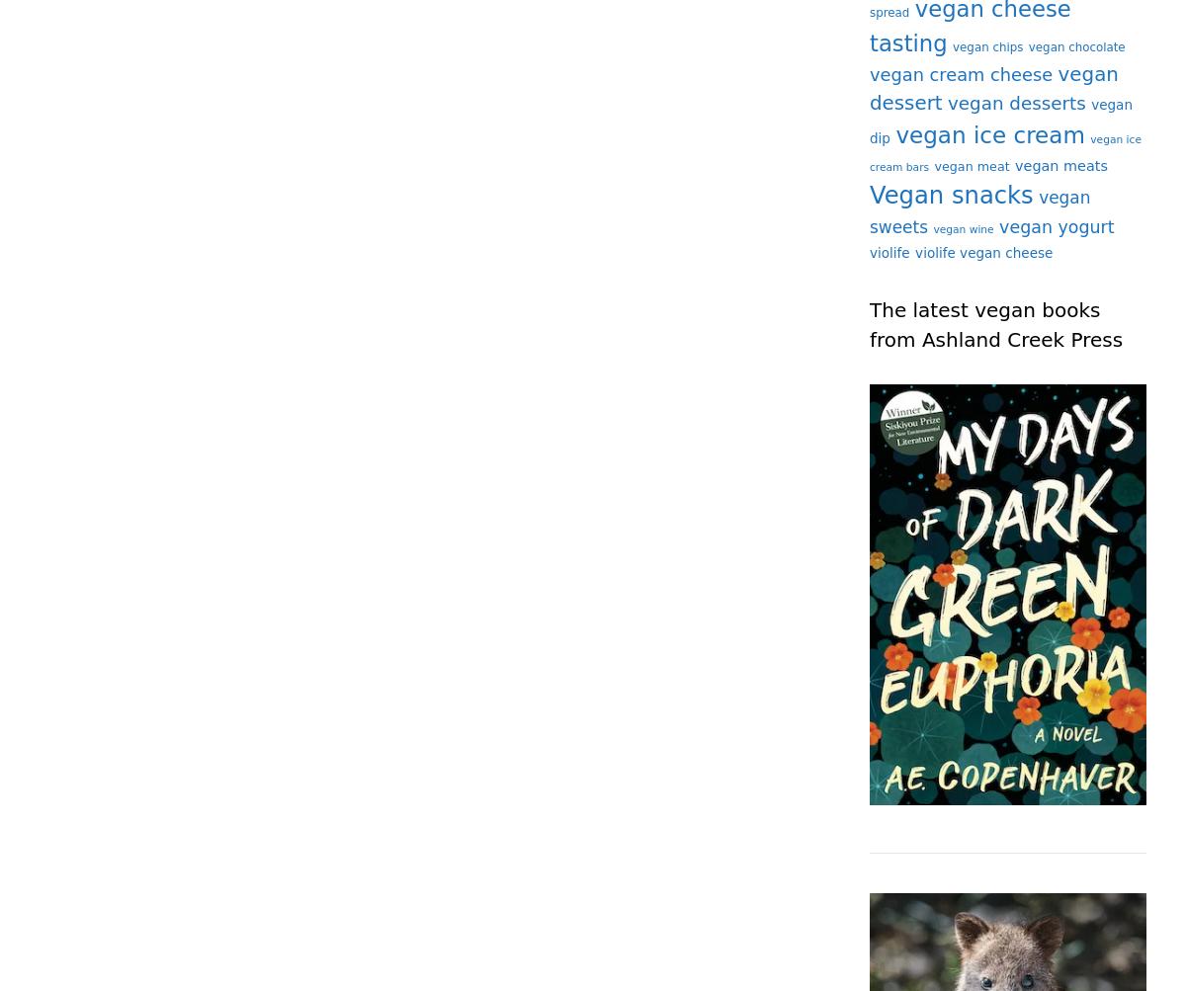 The width and height of the screenshot is (1186, 991). Describe the element at coordinates (961, 73) in the screenshot. I see `'vegan cream cheese'` at that location.